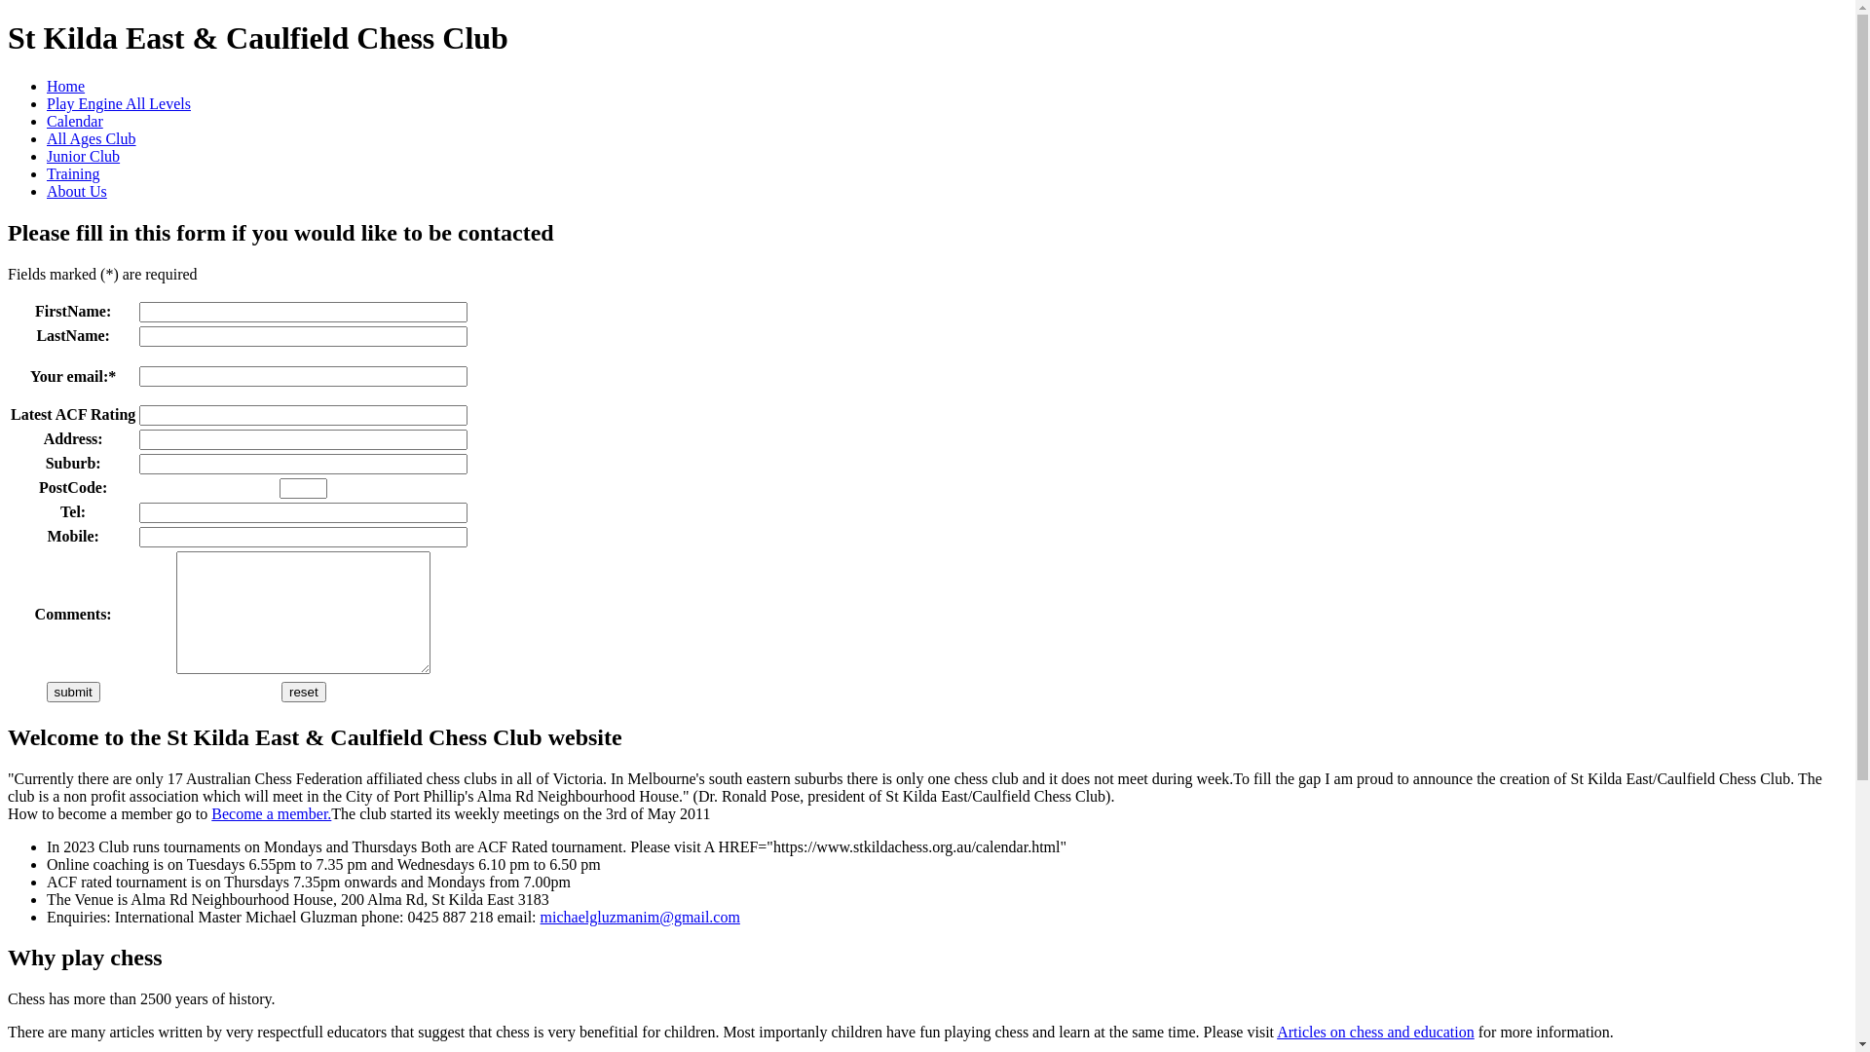  I want to click on 'submit', so click(47, 691).